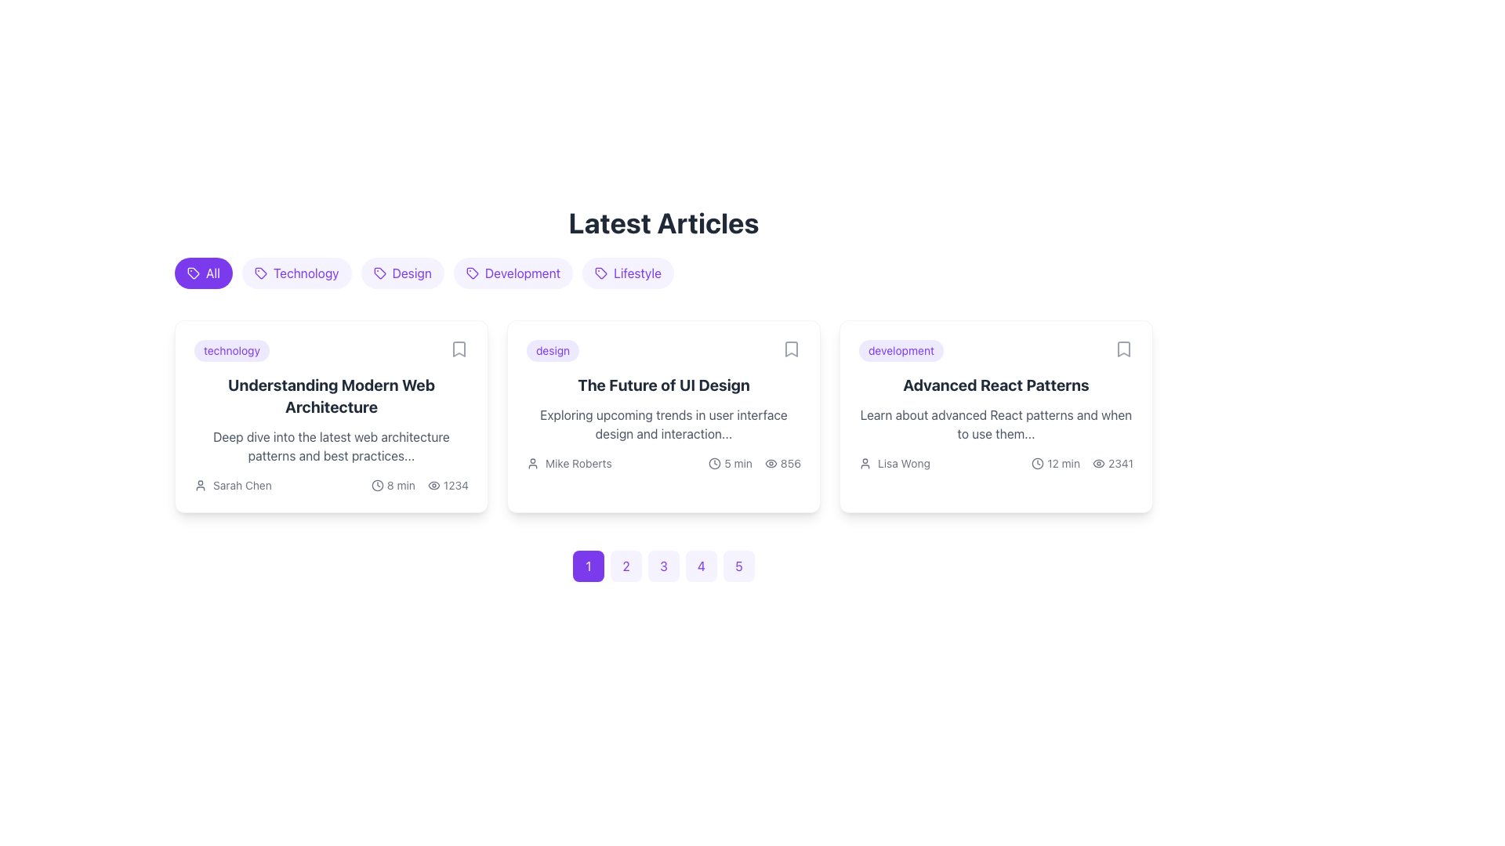 This screenshot has width=1505, height=846. I want to click on text of the bold header titled 'Latest Articles' located at the top of the content section, so click(663, 223).